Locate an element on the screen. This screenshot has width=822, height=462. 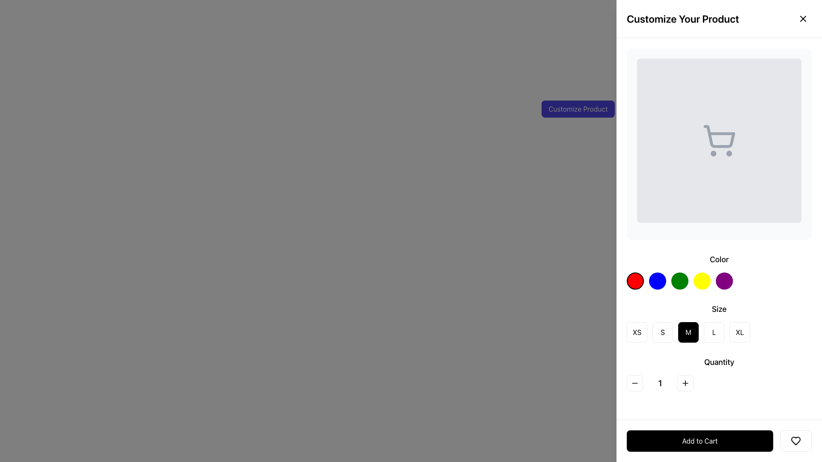
the Placeholder card with an icon, which represents a product image or category and is located at the top section of the product customization interface is located at coordinates (719, 143).